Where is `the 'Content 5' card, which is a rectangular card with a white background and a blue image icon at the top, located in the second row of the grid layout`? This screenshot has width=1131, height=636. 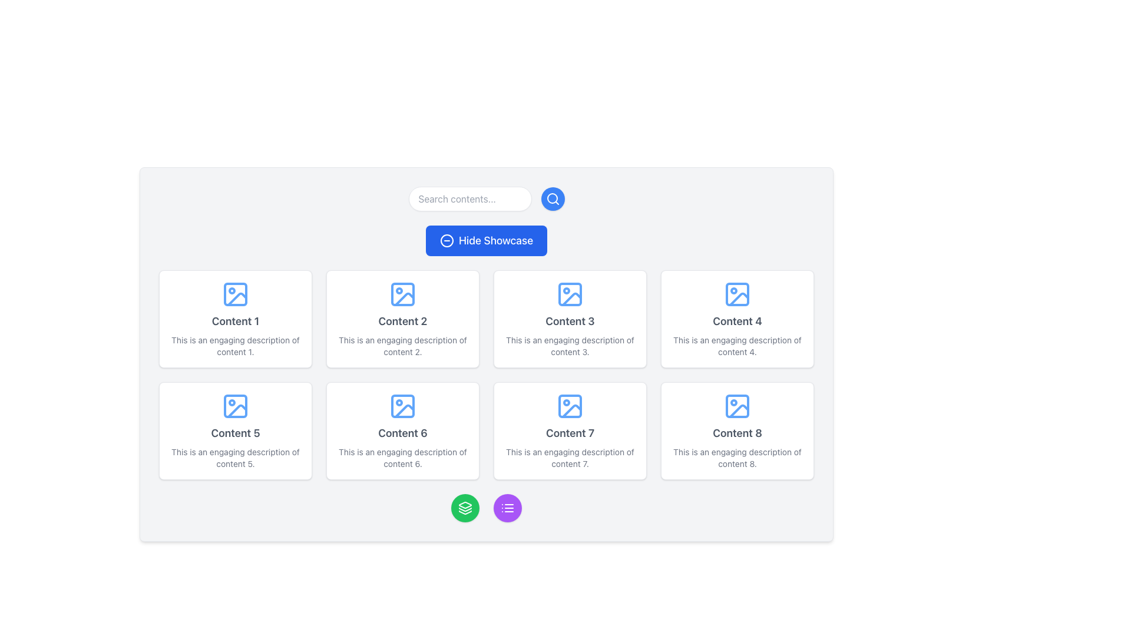
the 'Content 5' card, which is a rectangular card with a white background and a blue image icon at the top, located in the second row of the grid layout is located at coordinates (235, 431).